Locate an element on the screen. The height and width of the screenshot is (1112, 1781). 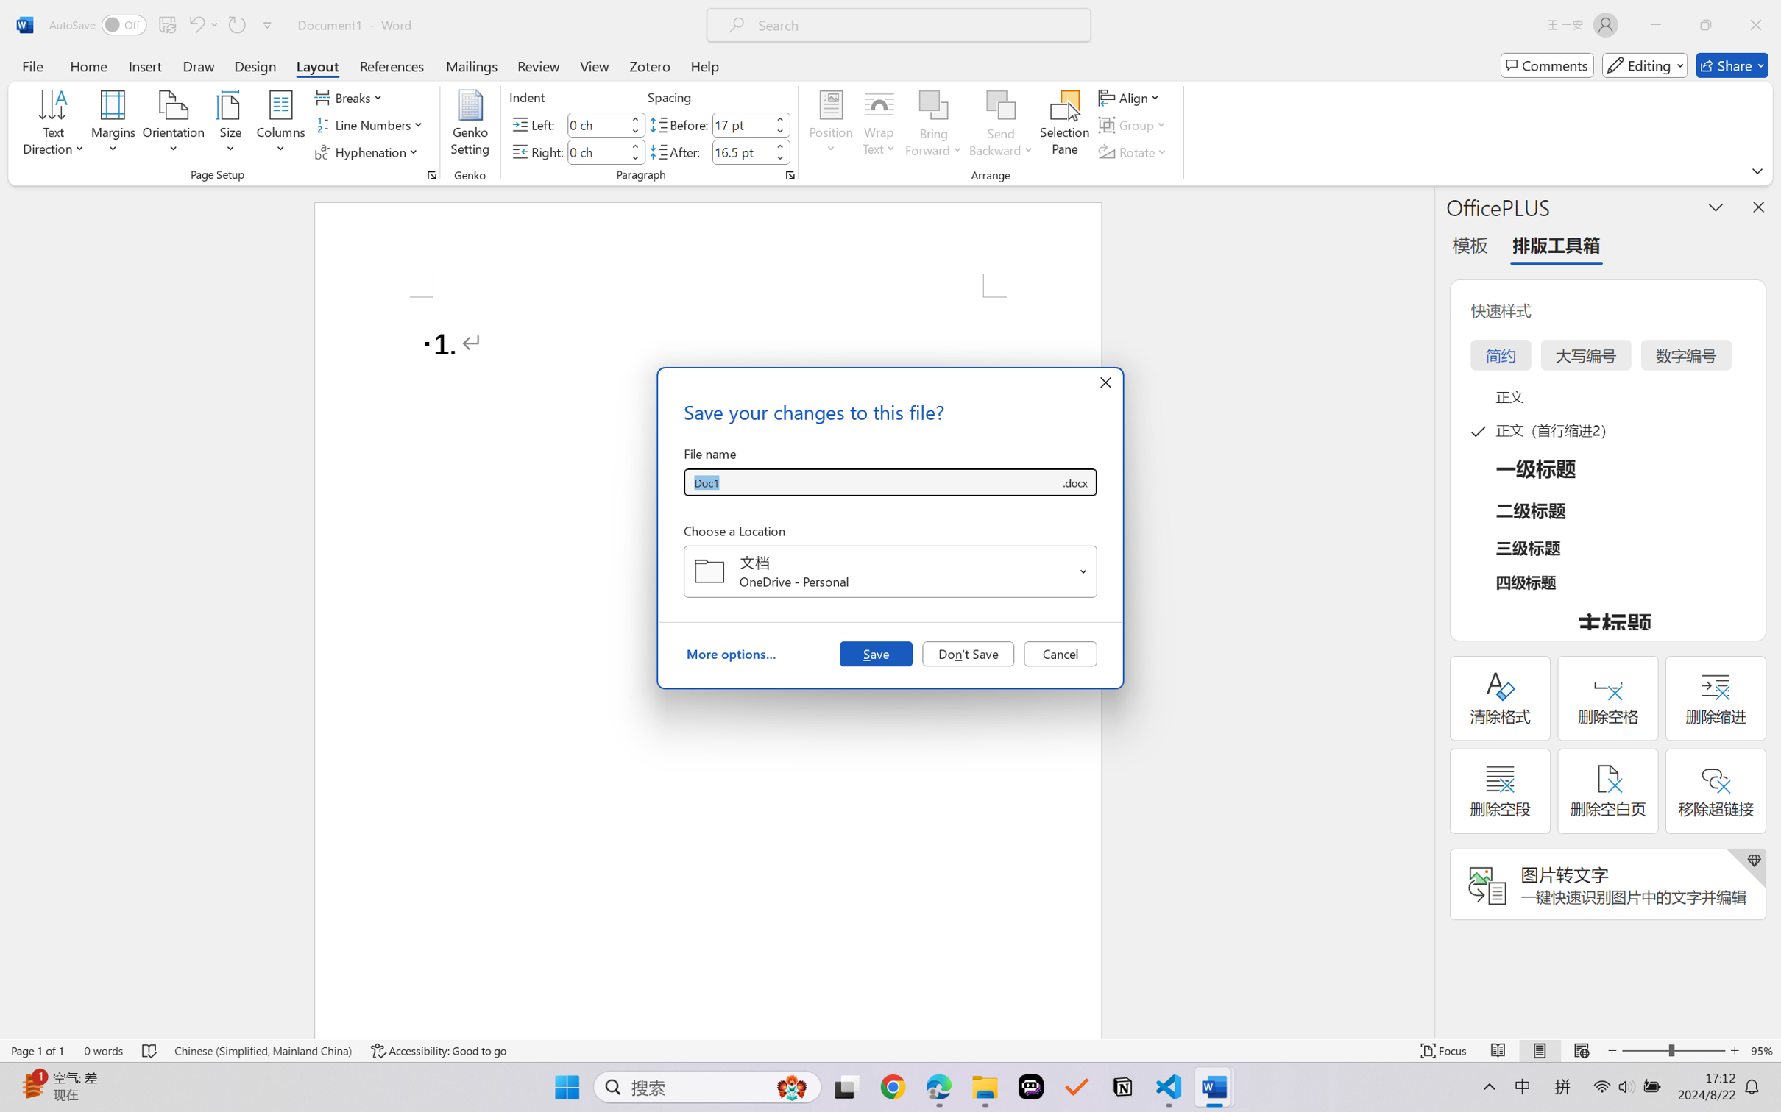
'Line Numbers' is located at coordinates (370, 125).